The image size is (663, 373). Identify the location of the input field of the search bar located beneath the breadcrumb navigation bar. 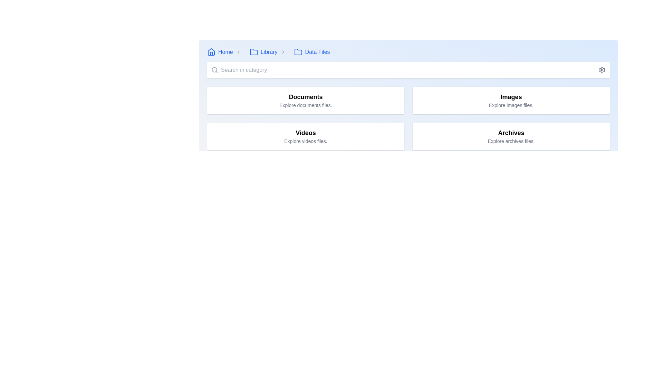
(408, 70).